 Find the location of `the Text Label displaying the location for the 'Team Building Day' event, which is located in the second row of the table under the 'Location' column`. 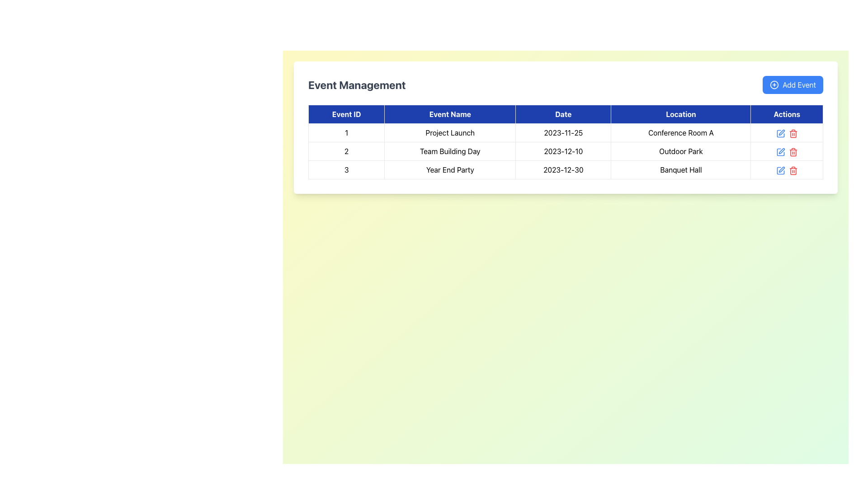

the Text Label displaying the location for the 'Team Building Day' event, which is located in the second row of the table under the 'Location' column is located at coordinates (681, 151).